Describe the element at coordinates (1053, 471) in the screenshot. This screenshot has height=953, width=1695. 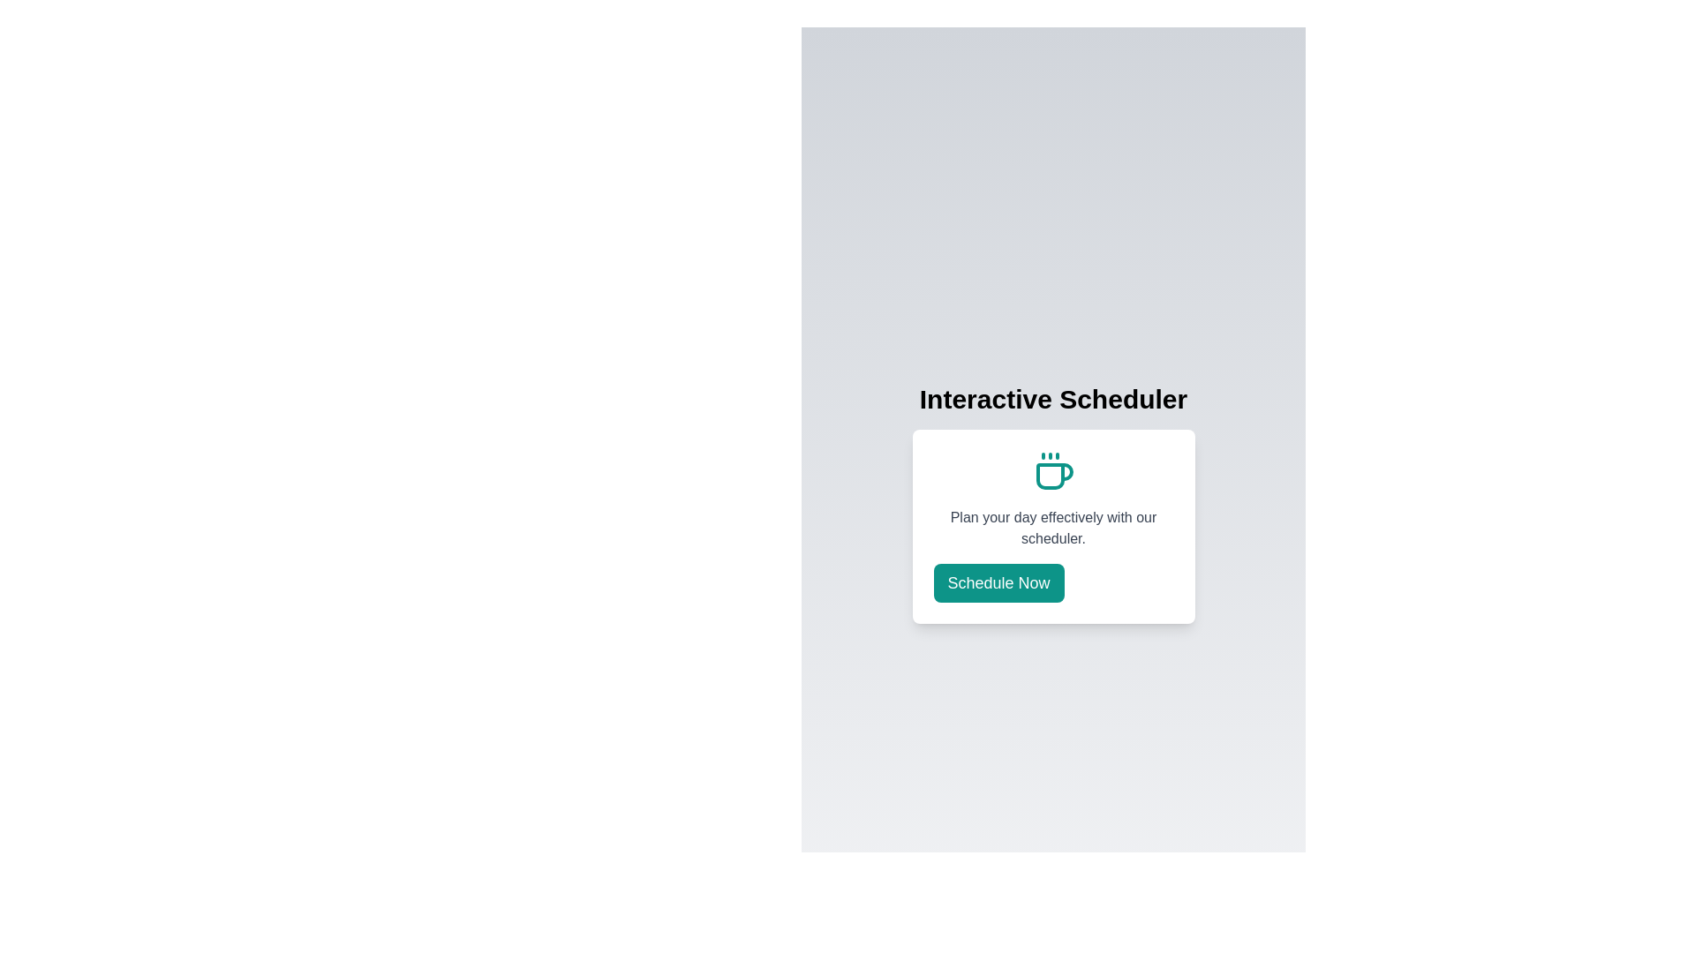
I see `the coffee cup icon located at the top of the card labeled 'Plan your day effectively with our scheduler.'` at that location.